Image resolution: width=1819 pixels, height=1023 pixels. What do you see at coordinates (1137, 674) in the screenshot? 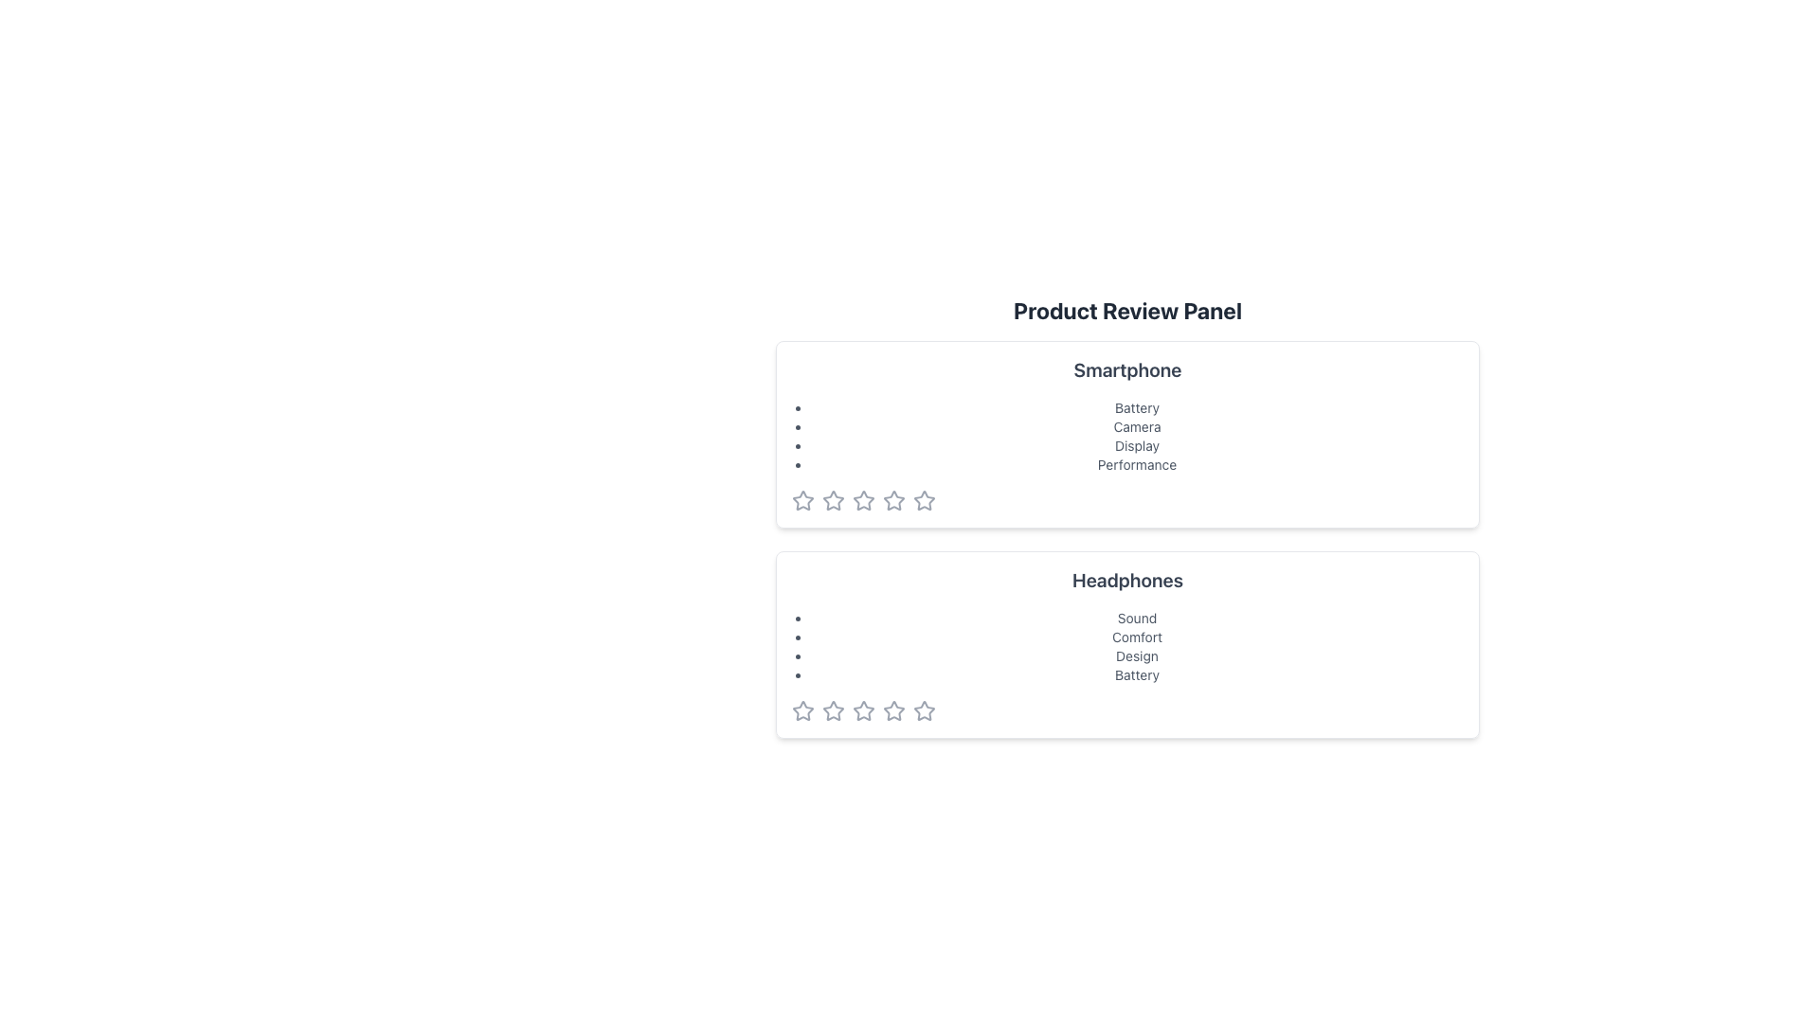
I see `the 'Battery' performance criterion list item in the 'Headphones' product review section, which is the fourth item in a vertical list` at bounding box center [1137, 674].